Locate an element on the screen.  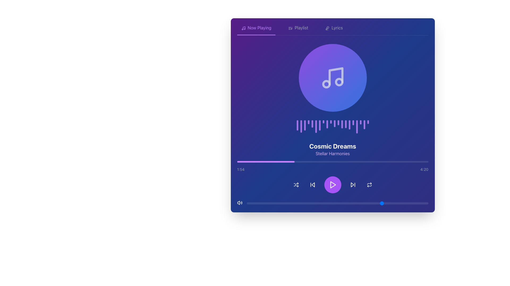
the second purple vertical bar from the left, which is slightly translucent and part of a series of similar bars, located centrally below a circular icon and above the song title 'Cosmic Dreams' is located at coordinates (301, 126).